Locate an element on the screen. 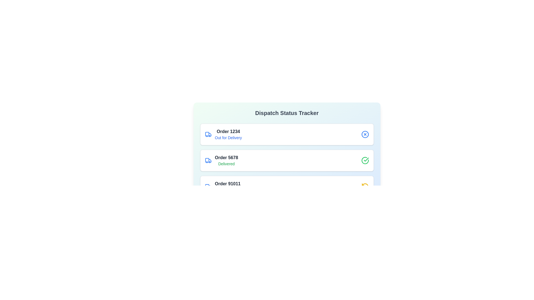 Image resolution: width=534 pixels, height=300 pixels. the icon representing the status of order 1234 is located at coordinates (365, 134).